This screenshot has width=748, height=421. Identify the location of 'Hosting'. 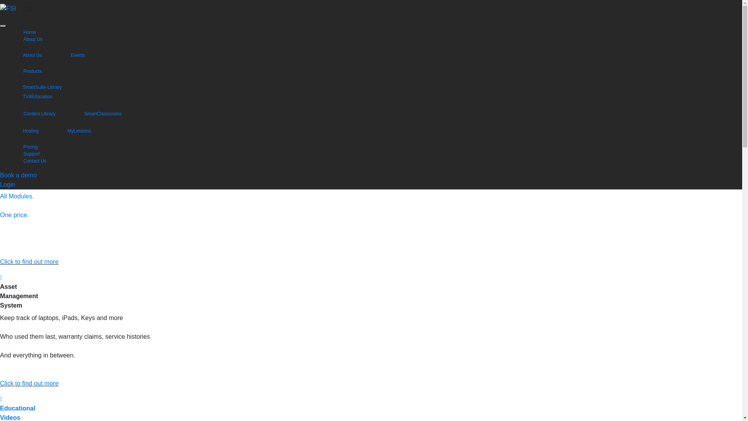
(37, 130).